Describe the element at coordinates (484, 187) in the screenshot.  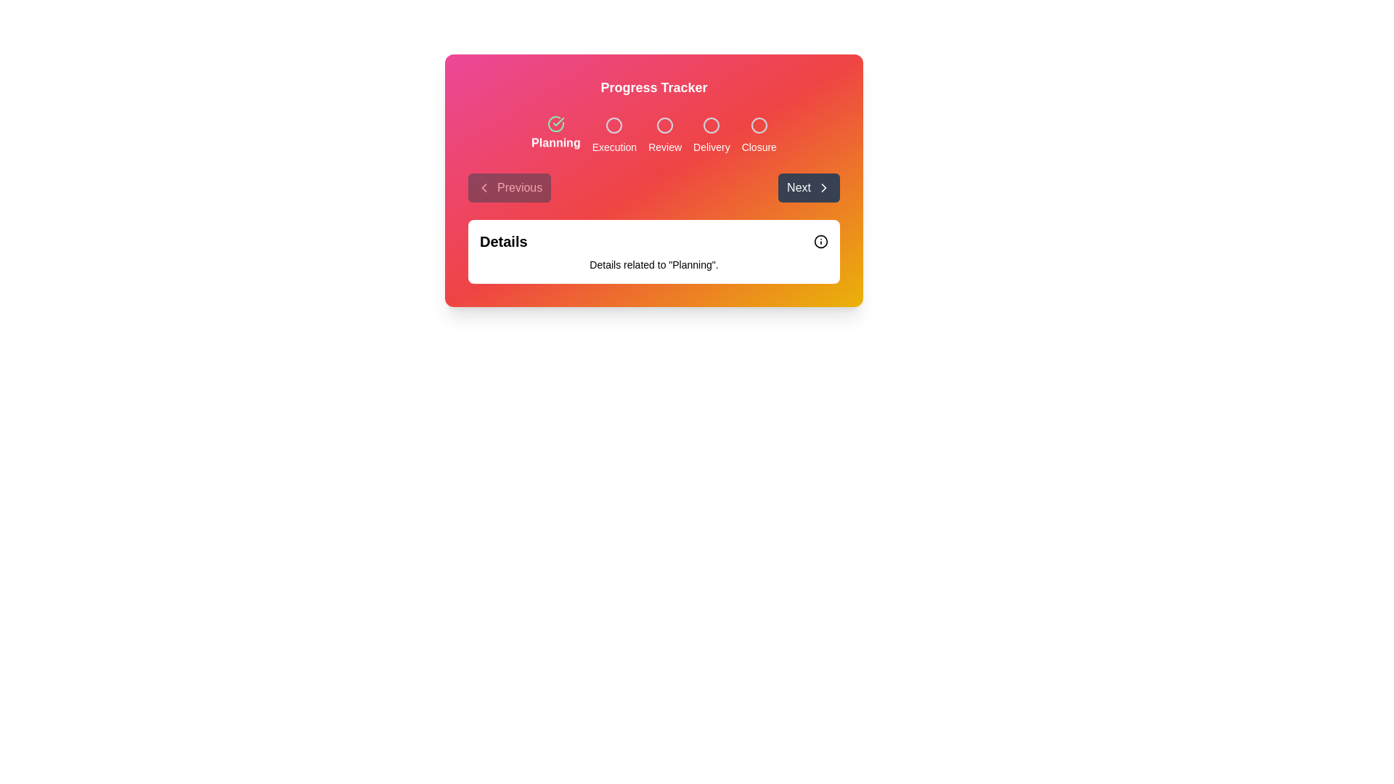
I see `the chevron icon on the left side of the 'Previous' button to initiate navigation to a prior step or page` at that location.